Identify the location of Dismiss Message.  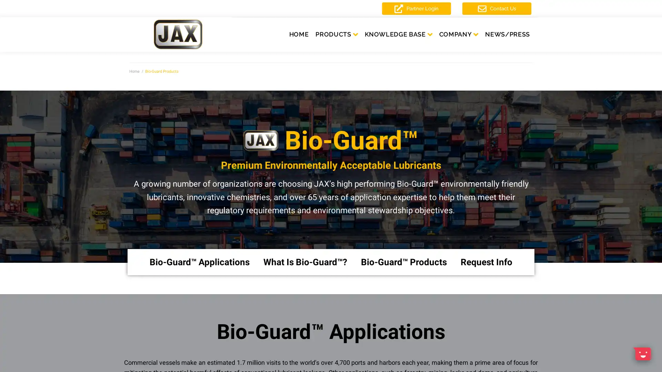
(626, 345).